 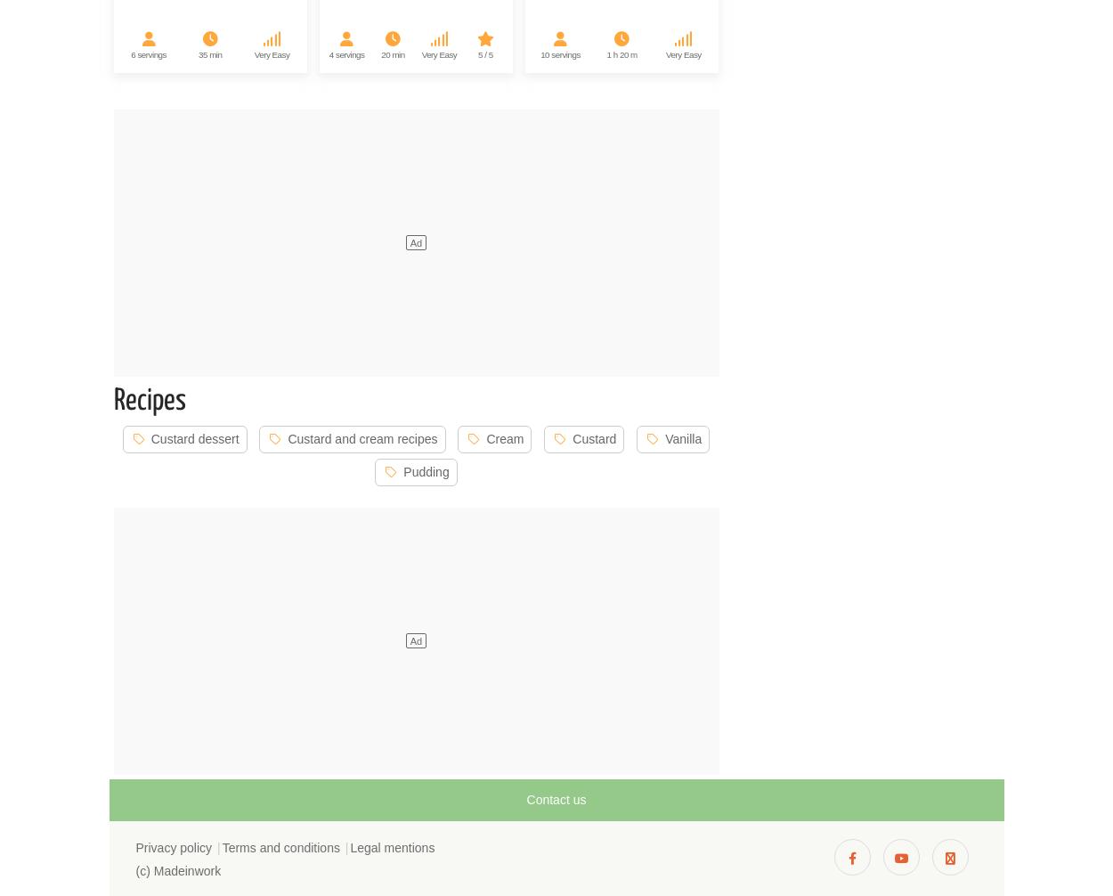 I want to click on 'Custard', so click(x=594, y=437).